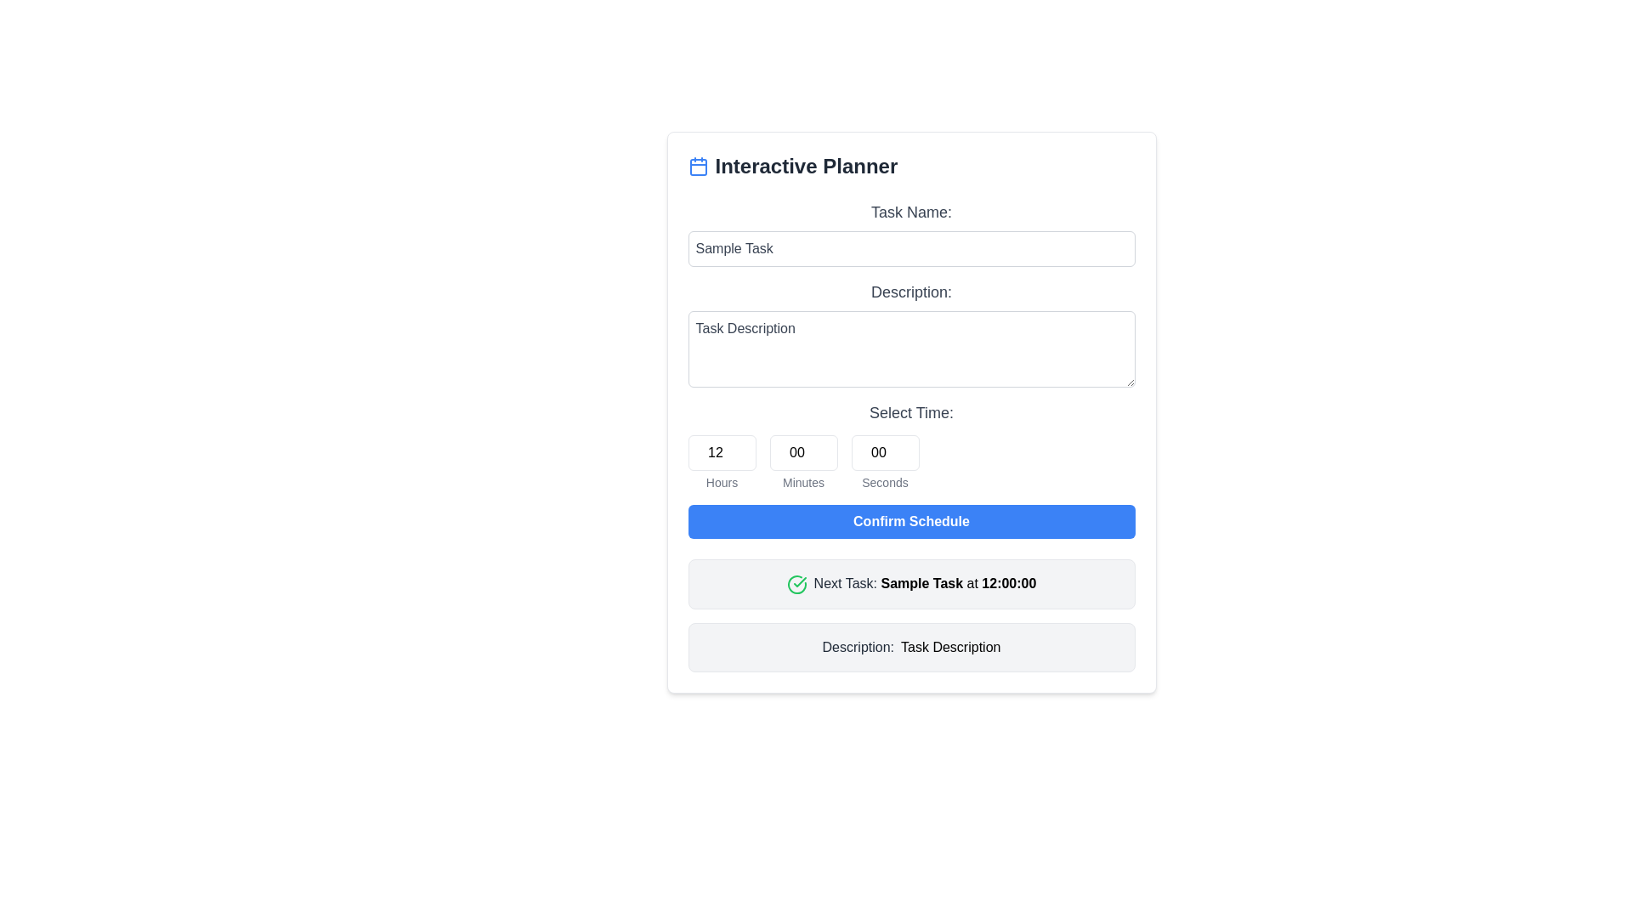 The image size is (1632, 918). What do you see at coordinates (910, 212) in the screenshot?
I see `the label displaying 'Task Name:' which is prominently styled and positioned just above the task input field` at bounding box center [910, 212].